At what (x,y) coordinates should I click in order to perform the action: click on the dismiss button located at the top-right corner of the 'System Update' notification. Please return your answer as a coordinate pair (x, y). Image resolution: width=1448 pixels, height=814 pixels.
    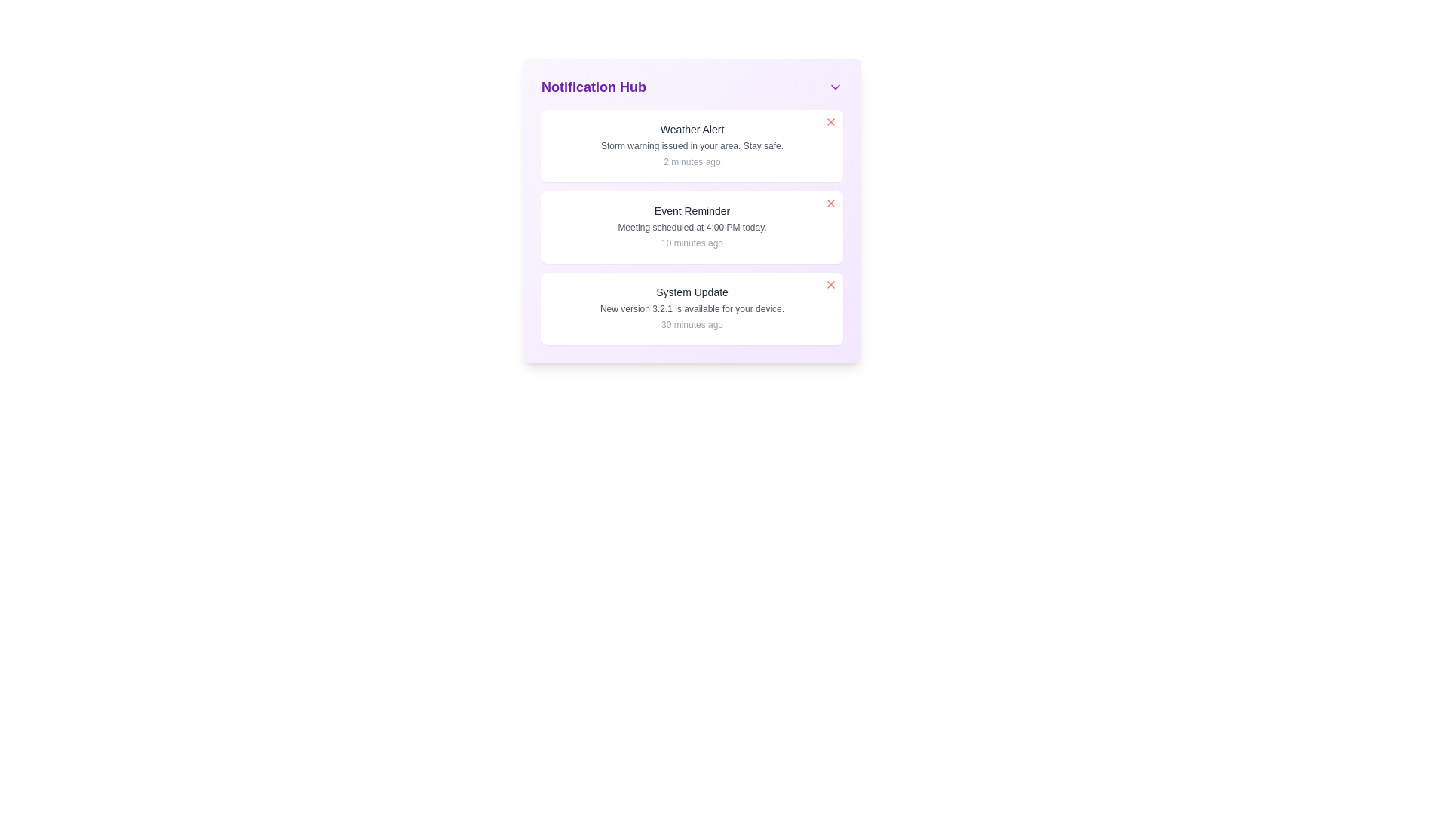
    Looking at the image, I should click on (830, 285).